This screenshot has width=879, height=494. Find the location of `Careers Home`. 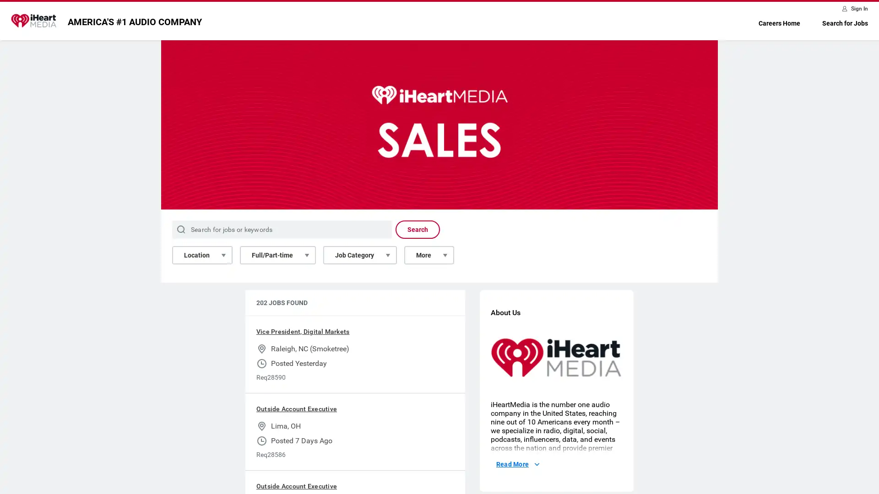

Careers Home is located at coordinates (779, 23).